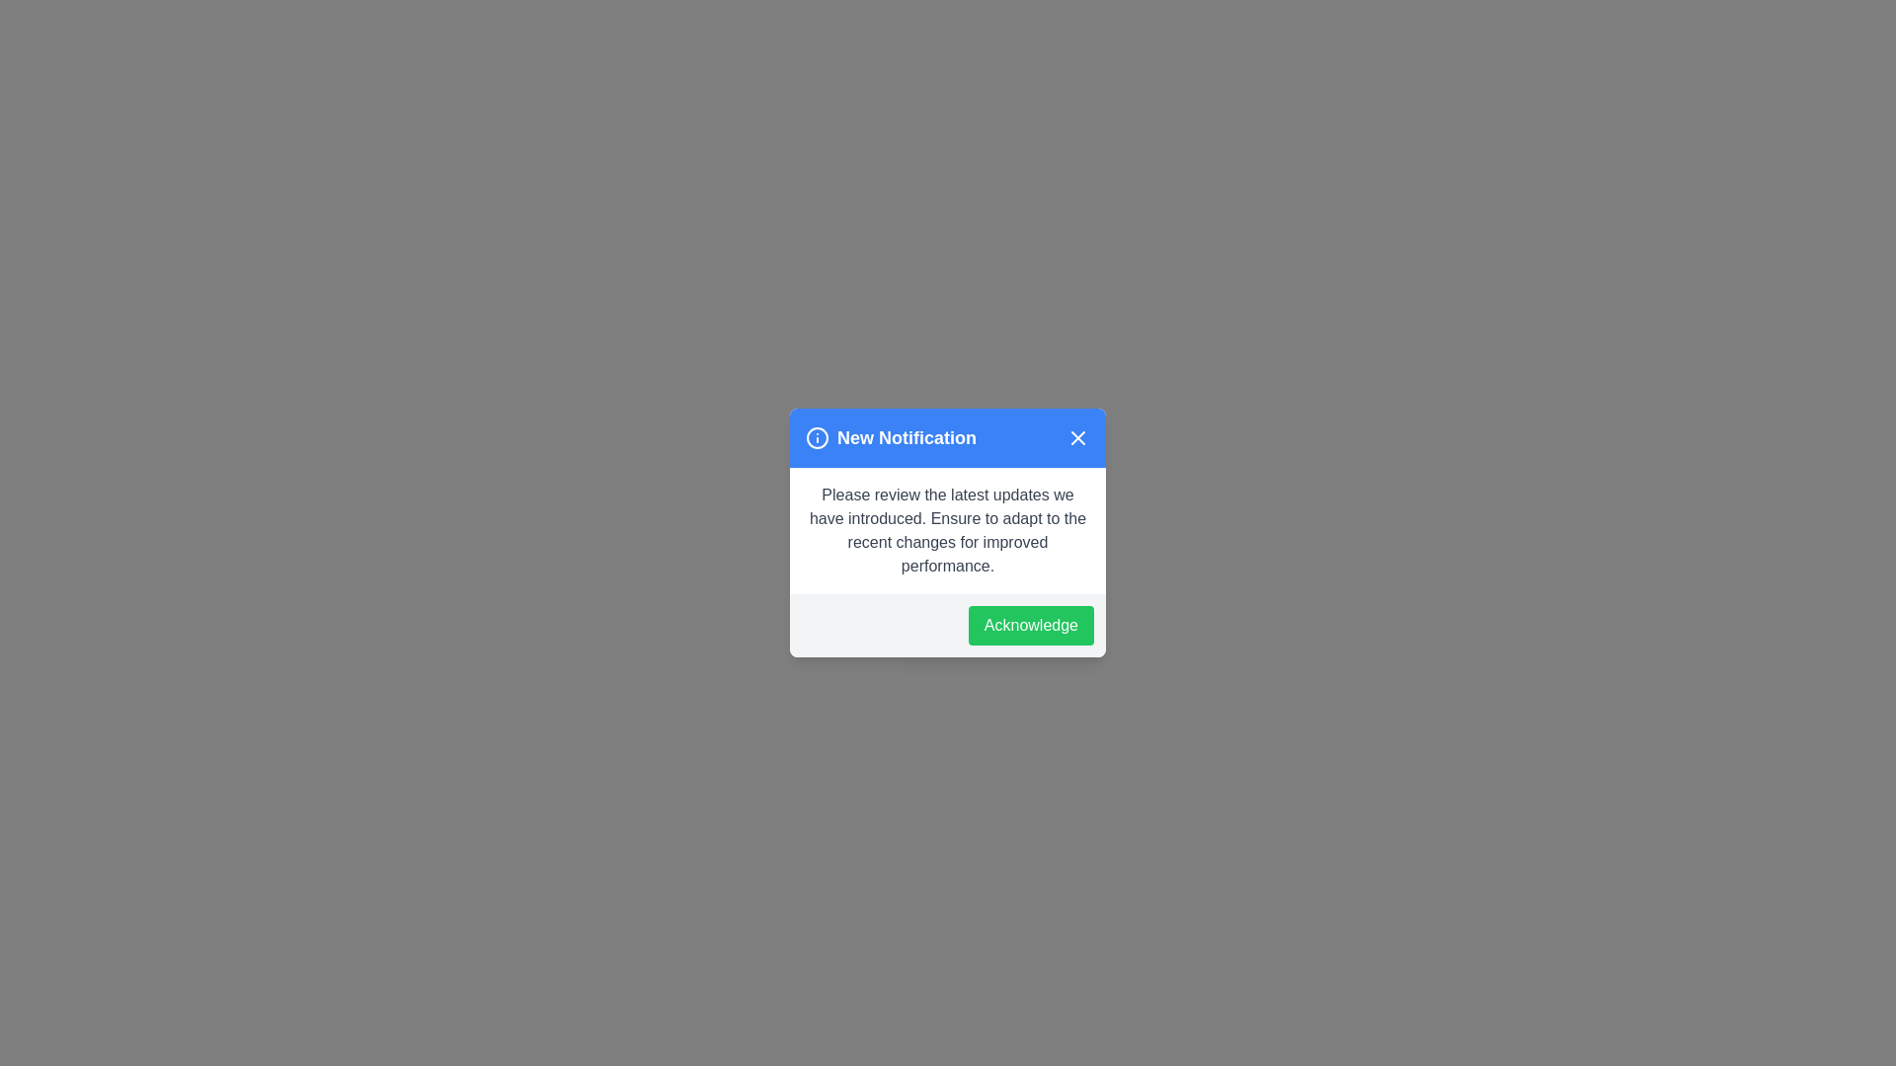 The width and height of the screenshot is (1896, 1066). Describe the element at coordinates (1076, 436) in the screenshot. I see `the close button of the notification modal to dismiss it` at that location.